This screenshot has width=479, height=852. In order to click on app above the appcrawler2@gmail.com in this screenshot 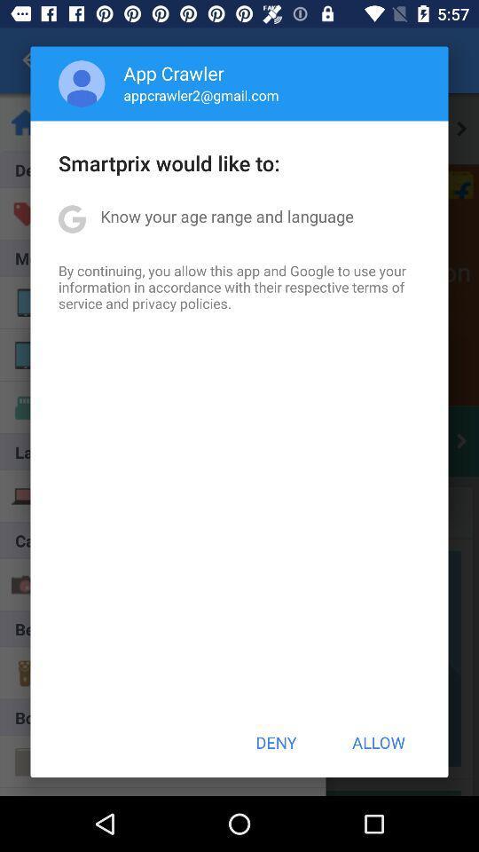, I will do `click(174, 73)`.